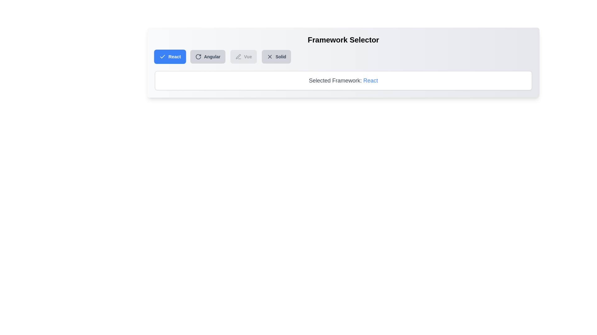 The height and width of the screenshot is (335, 597). I want to click on the checkmark icon indicating the selection of the 'React' framework, which is located within the 'React' button on the left-most side among other framework buttons, so click(162, 56).